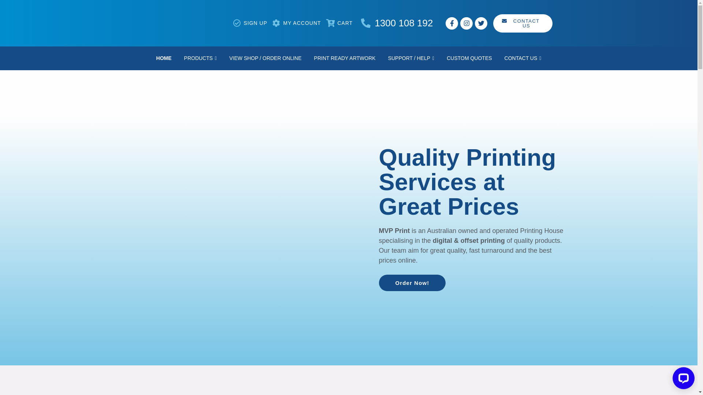 Image resolution: width=703 pixels, height=395 pixels. What do you see at coordinates (411, 58) in the screenshot?
I see `'SUPPORT / HELP'` at bounding box center [411, 58].